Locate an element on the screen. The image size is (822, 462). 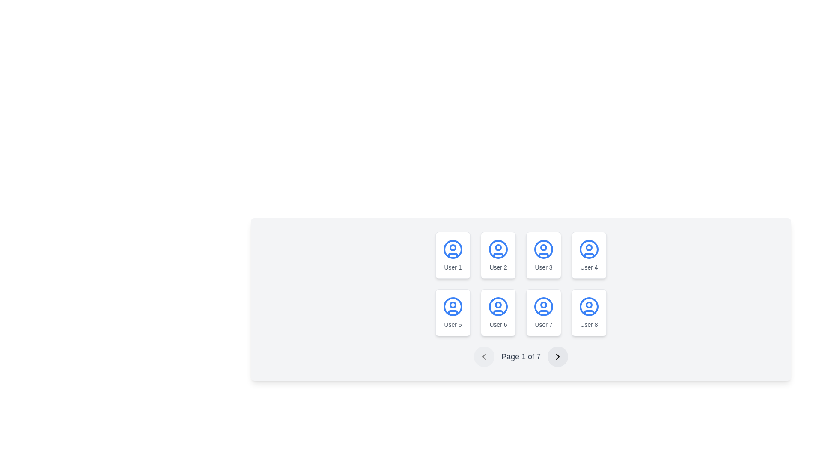
the text label displaying 'User 3' in a small, gray-colored font, located within a white card below a blue user icon is located at coordinates (543, 267).